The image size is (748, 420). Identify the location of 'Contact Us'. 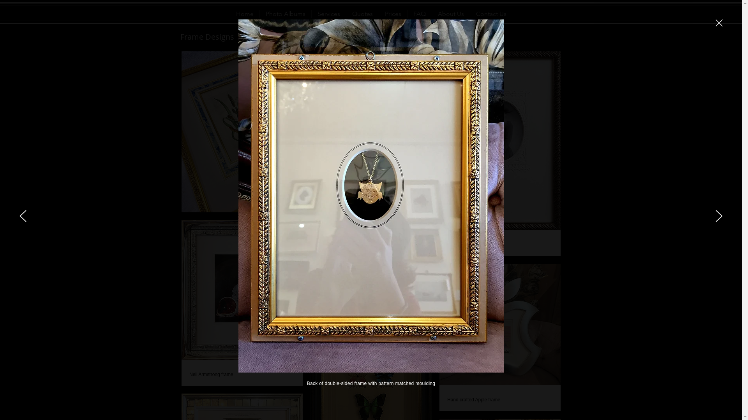
(490, 13).